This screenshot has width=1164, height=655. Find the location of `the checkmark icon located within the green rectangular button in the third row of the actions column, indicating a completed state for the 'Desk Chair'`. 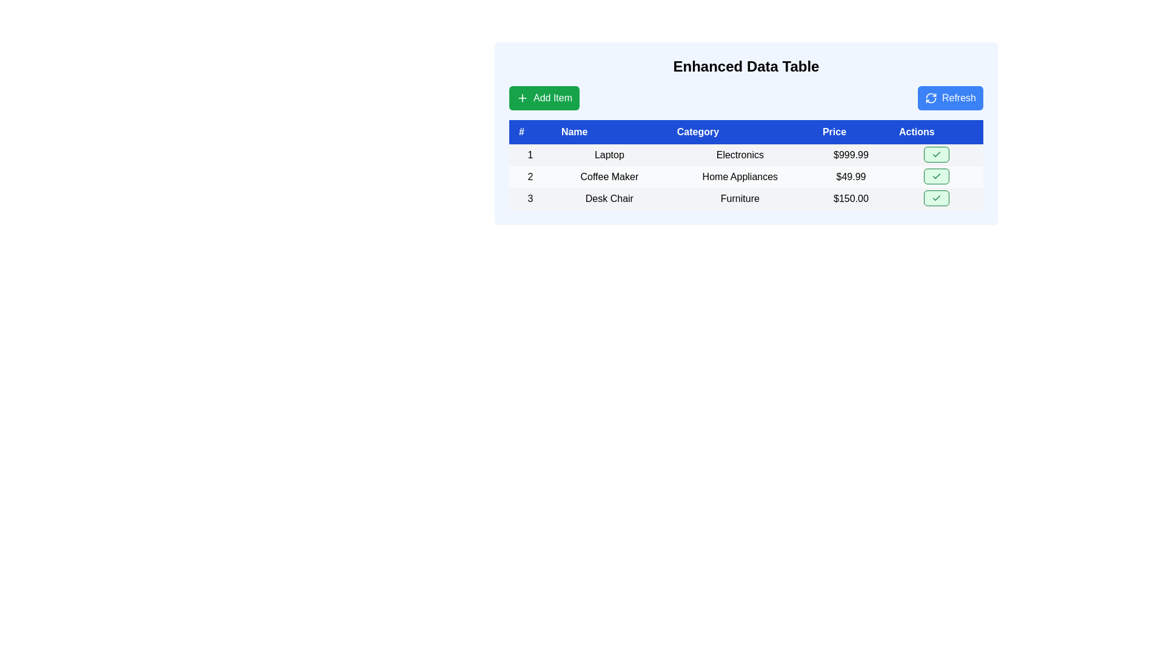

the checkmark icon located within the green rectangular button in the third row of the actions column, indicating a completed state for the 'Desk Chair' is located at coordinates (935, 153).